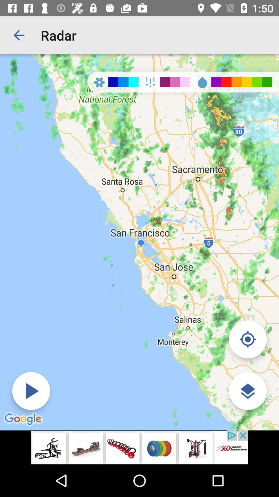  Describe the element at coordinates (31, 391) in the screenshot. I see `radar` at that location.